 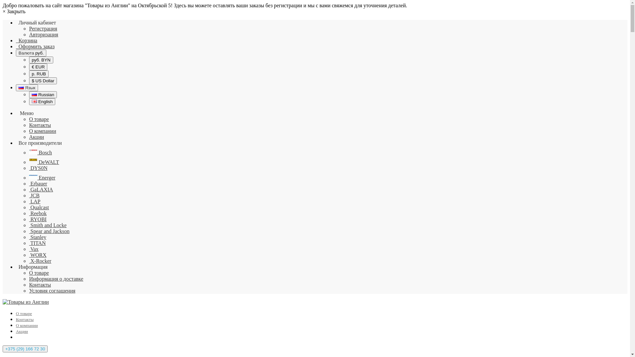 I want to click on 'GaLAXIA', so click(x=41, y=189).